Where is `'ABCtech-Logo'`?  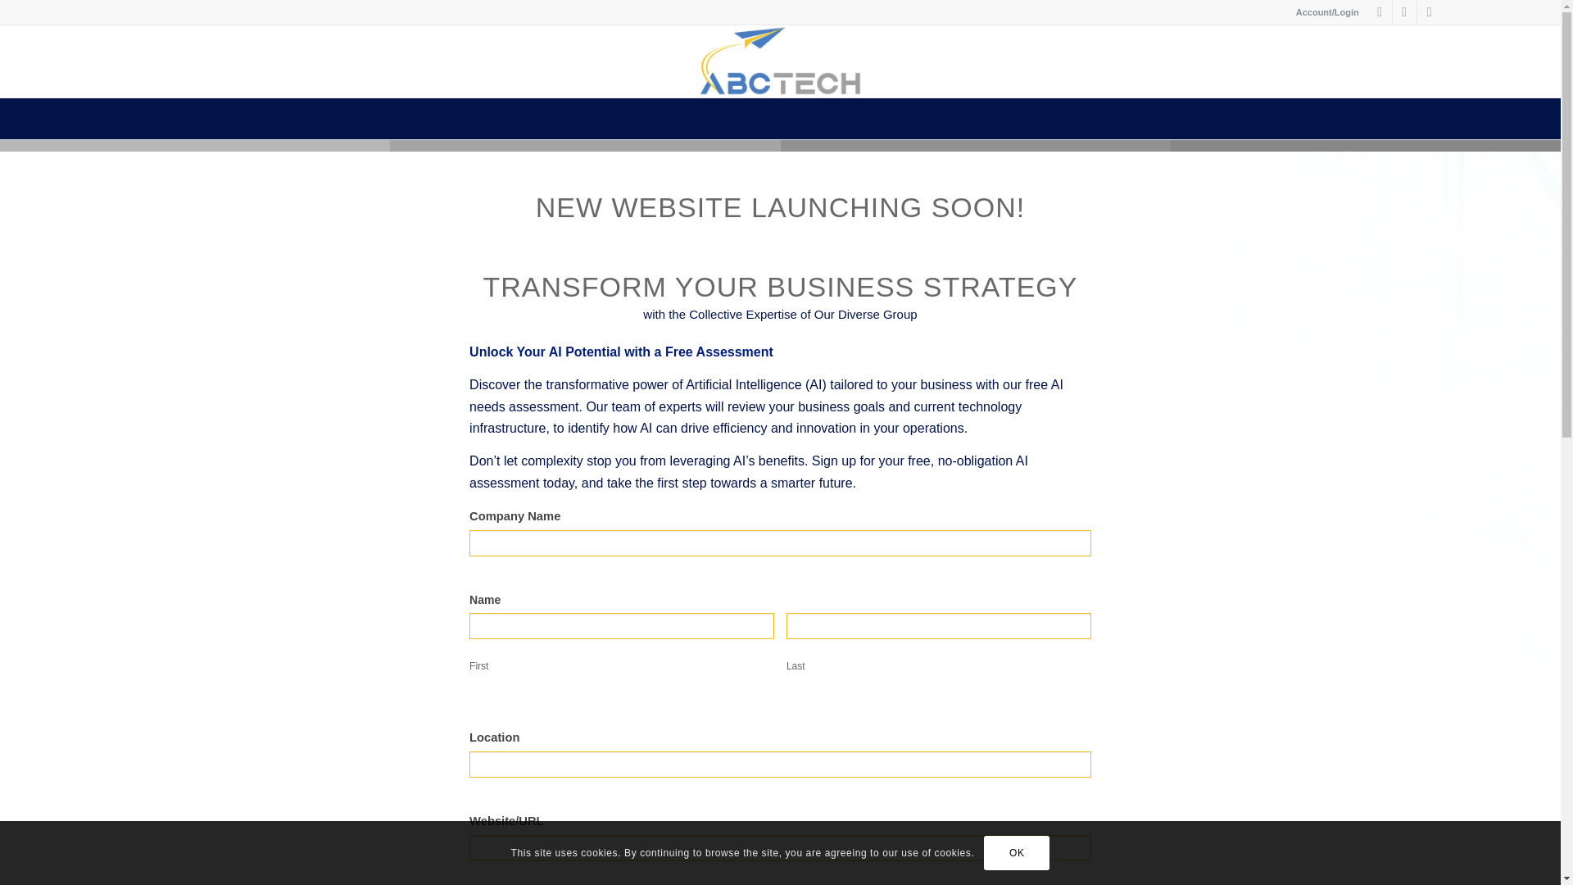
'ABCtech-Logo' is located at coordinates (780, 60).